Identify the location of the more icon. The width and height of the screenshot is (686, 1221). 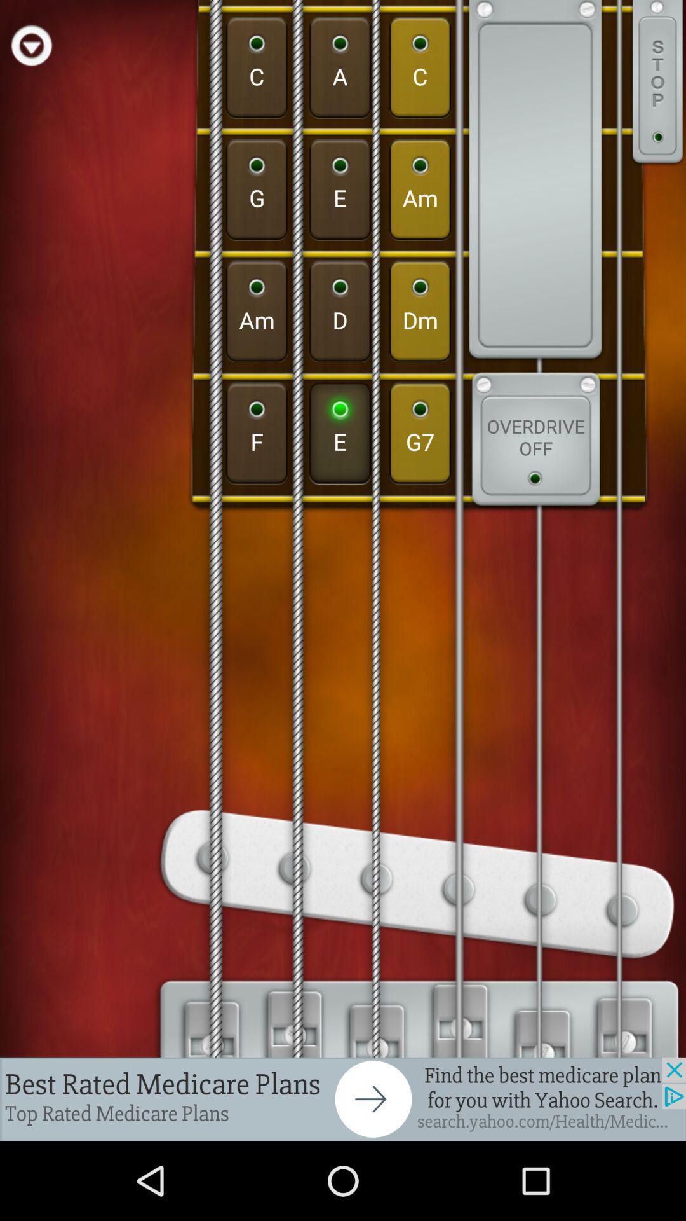
(657, 88).